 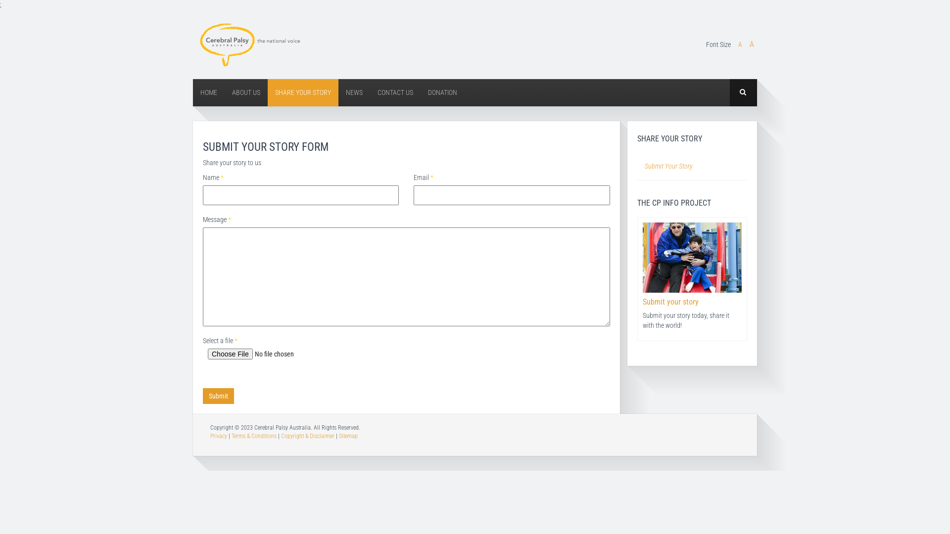 What do you see at coordinates (247, 43) in the screenshot?
I see `'Cerebral Palsy Australia'` at bounding box center [247, 43].